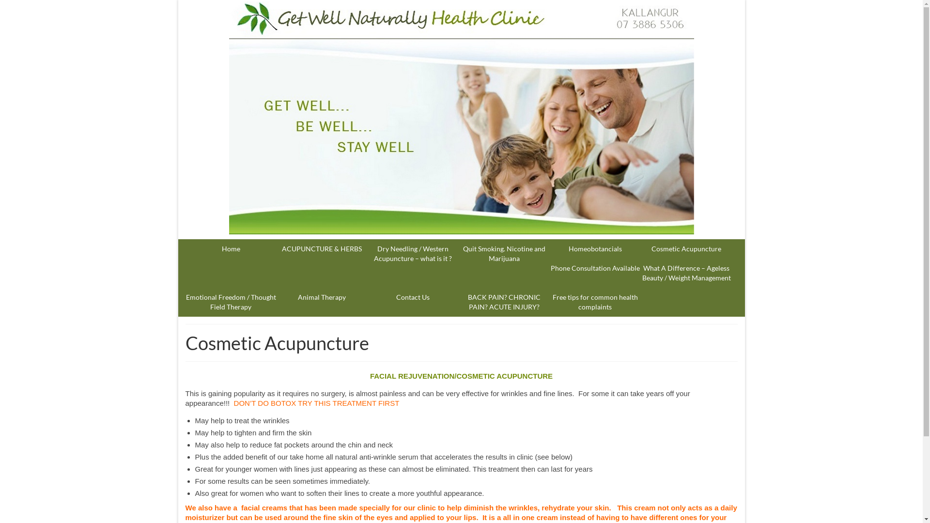  What do you see at coordinates (685, 248) in the screenshot?
I see `'Cosmetic Acupuncture'` at bounding box center [685, 248].